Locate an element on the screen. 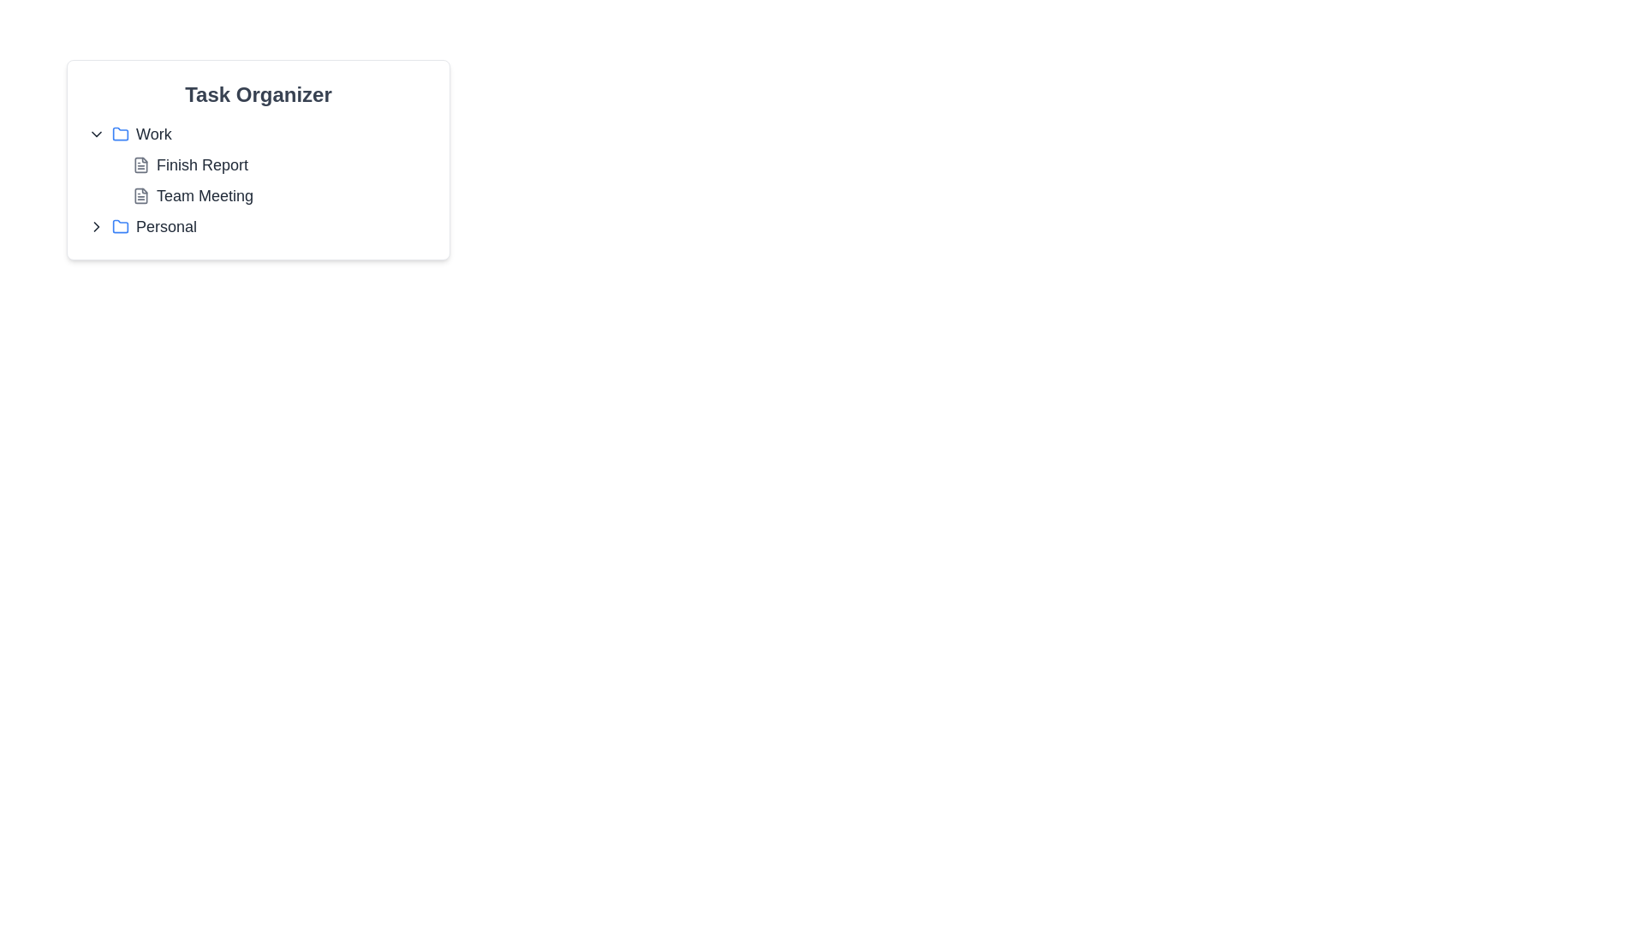 The image size is (1644, 925). the 'Work' label, which is styled in a larger font and positioned beside a folder icon is located at coordinates (153, 134).